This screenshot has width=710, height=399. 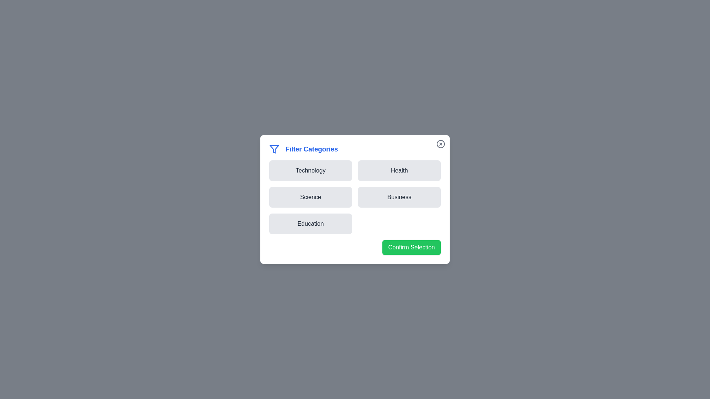 I want to click on the Education button to observe its hover effect, so click(x=311, y=223).